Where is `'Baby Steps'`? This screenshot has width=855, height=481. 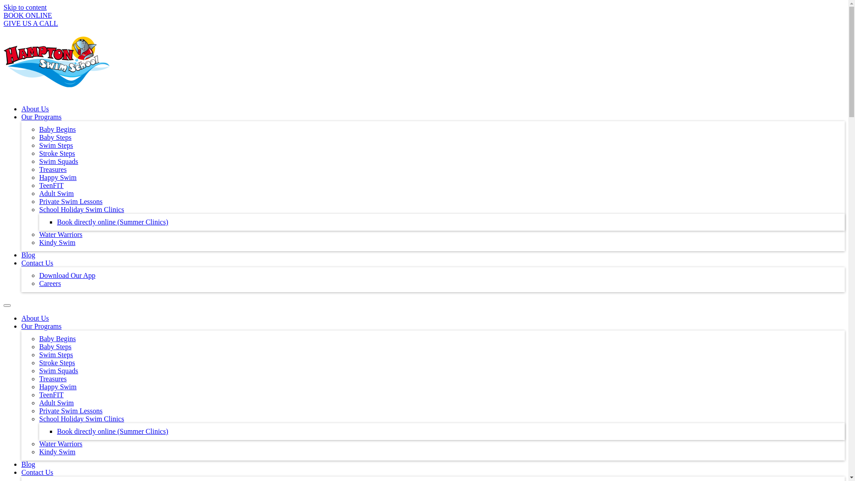 'Baby Steps' is located at coordinates (38, 137).